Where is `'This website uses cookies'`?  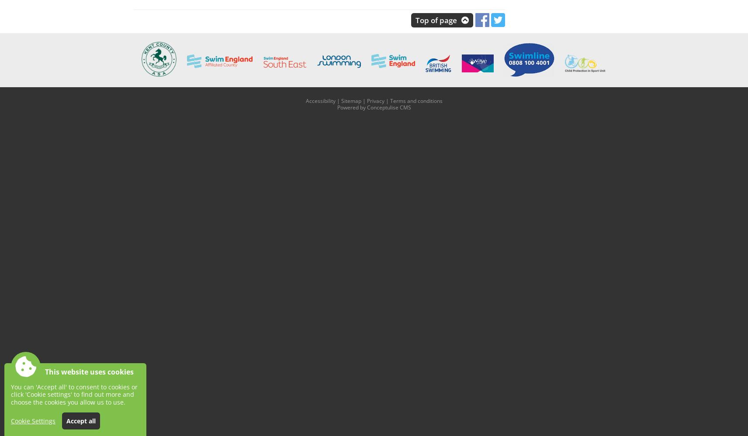
'This website uses cookies' is located at coordinates (89, 371).